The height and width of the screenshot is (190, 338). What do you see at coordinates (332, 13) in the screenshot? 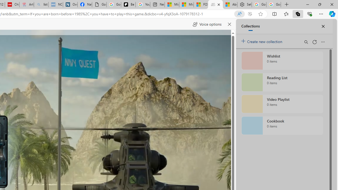
I see `'Copilot (Ctrl+Shift+.)'` at bounding box center [332, 13].